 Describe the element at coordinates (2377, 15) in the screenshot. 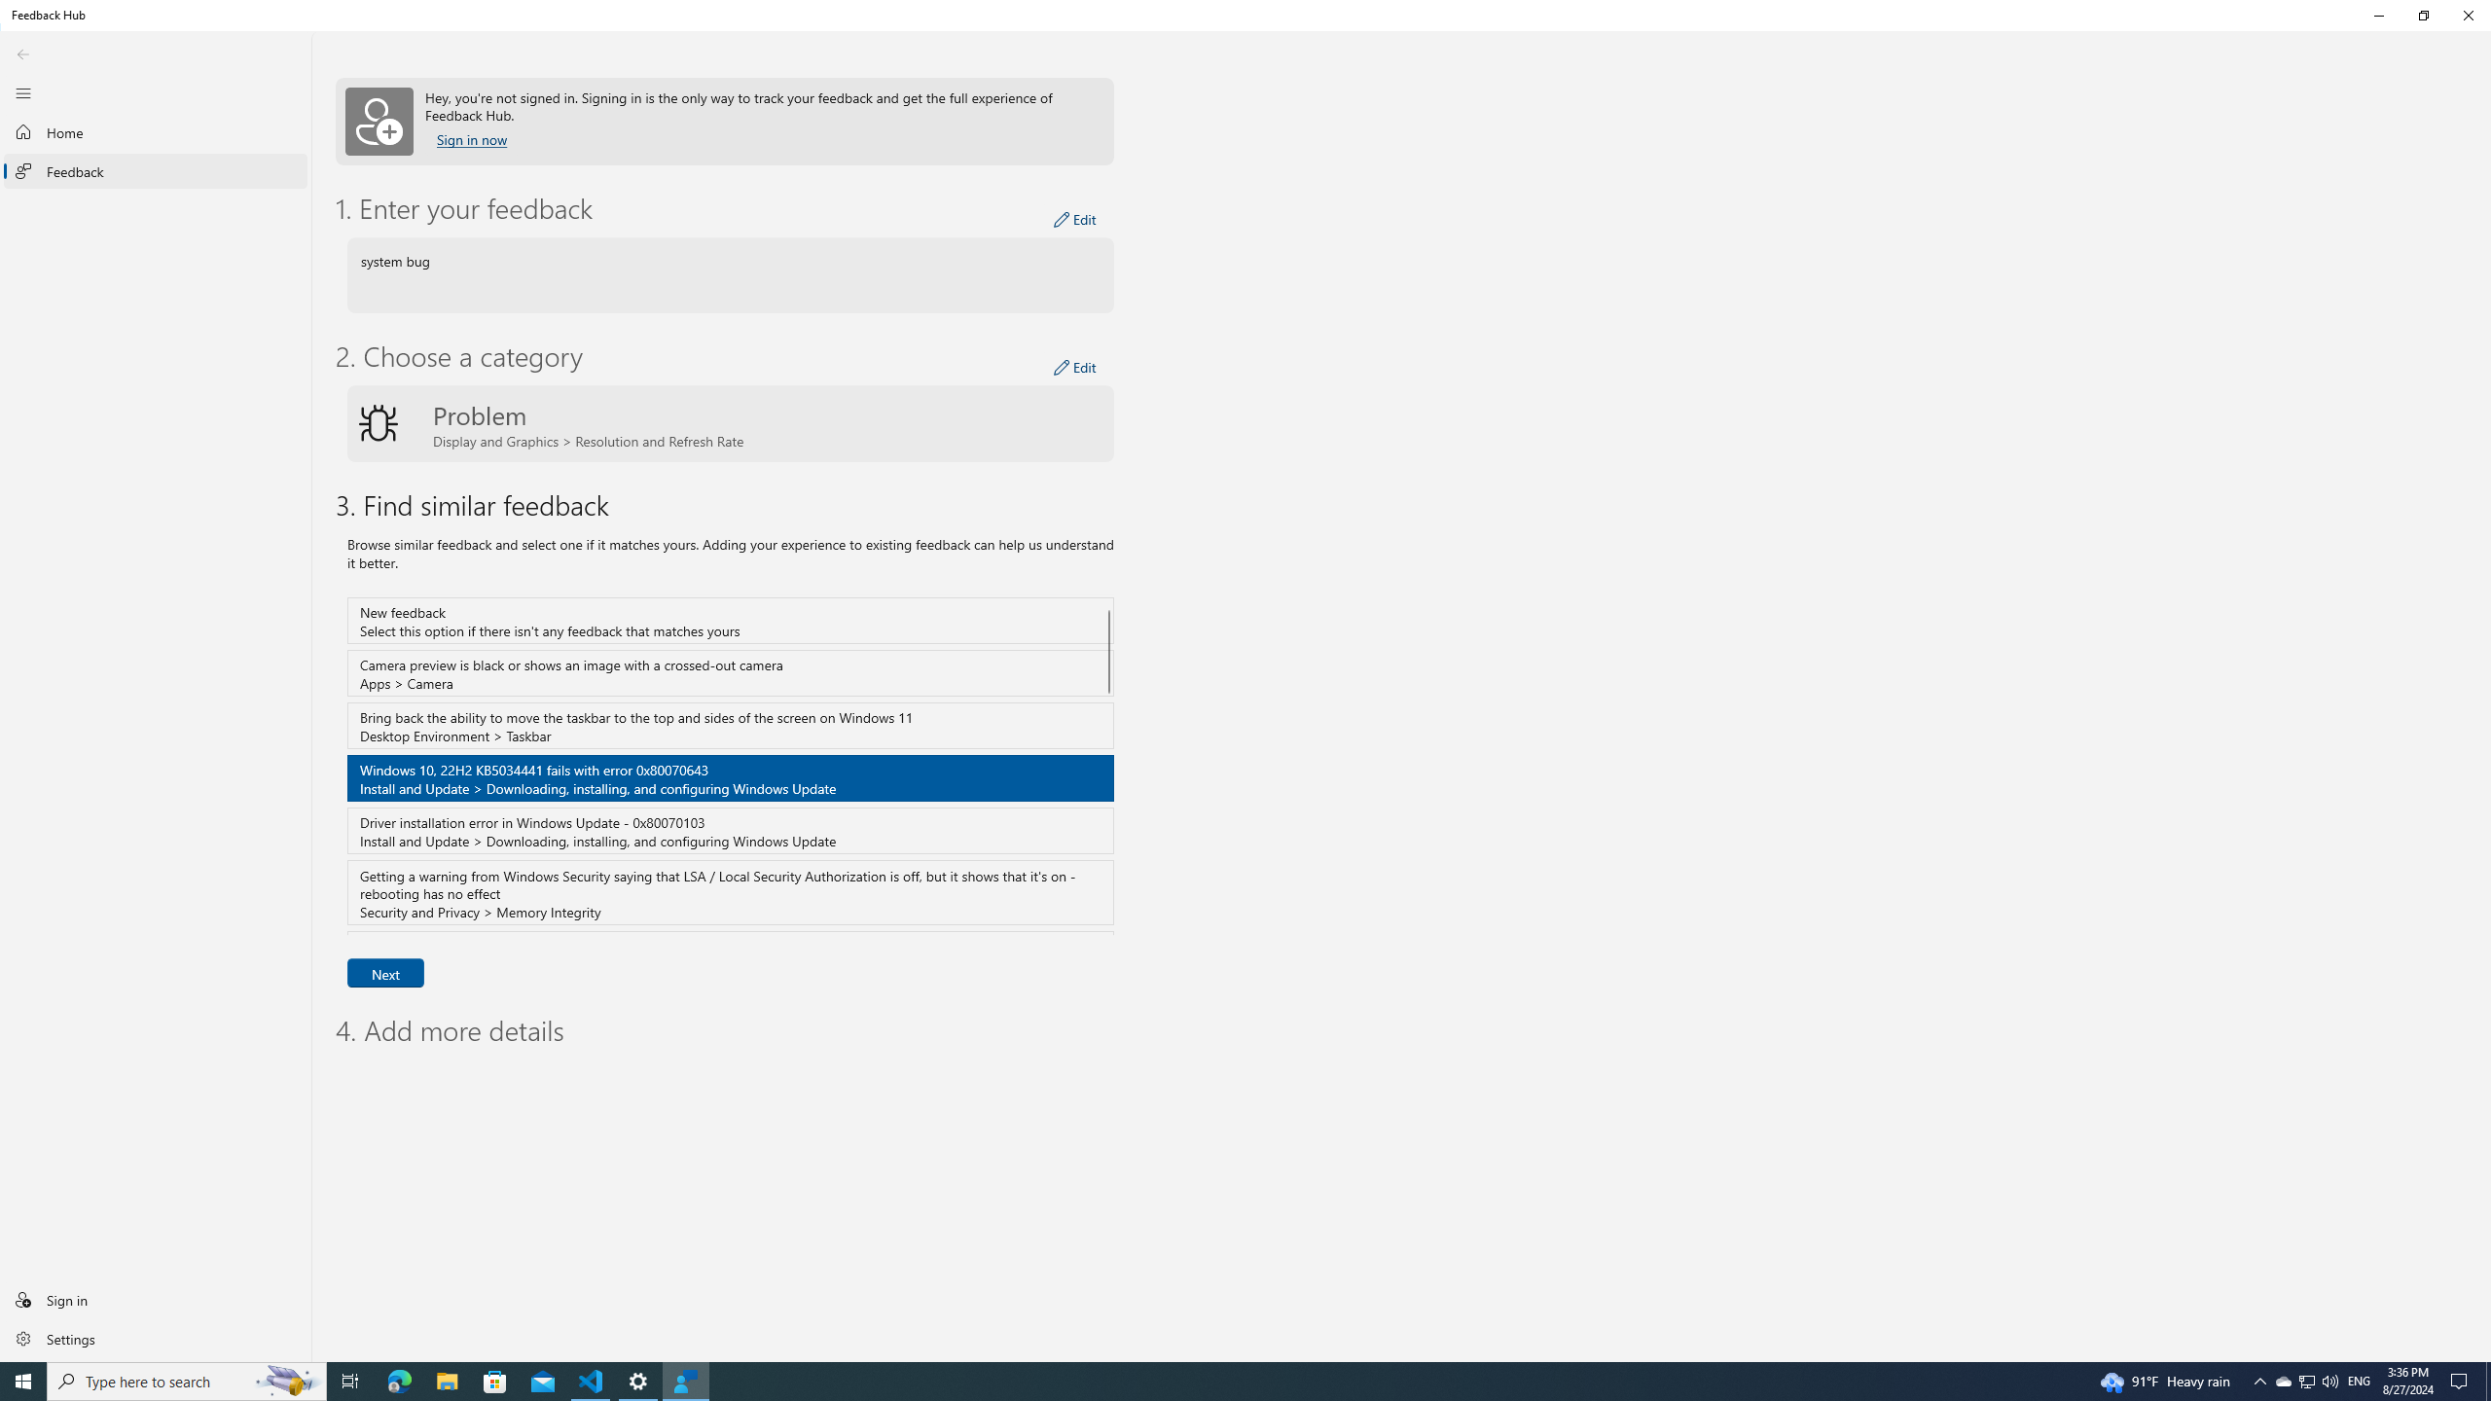

I see `'Minimize Feedback Hub'` at that location.